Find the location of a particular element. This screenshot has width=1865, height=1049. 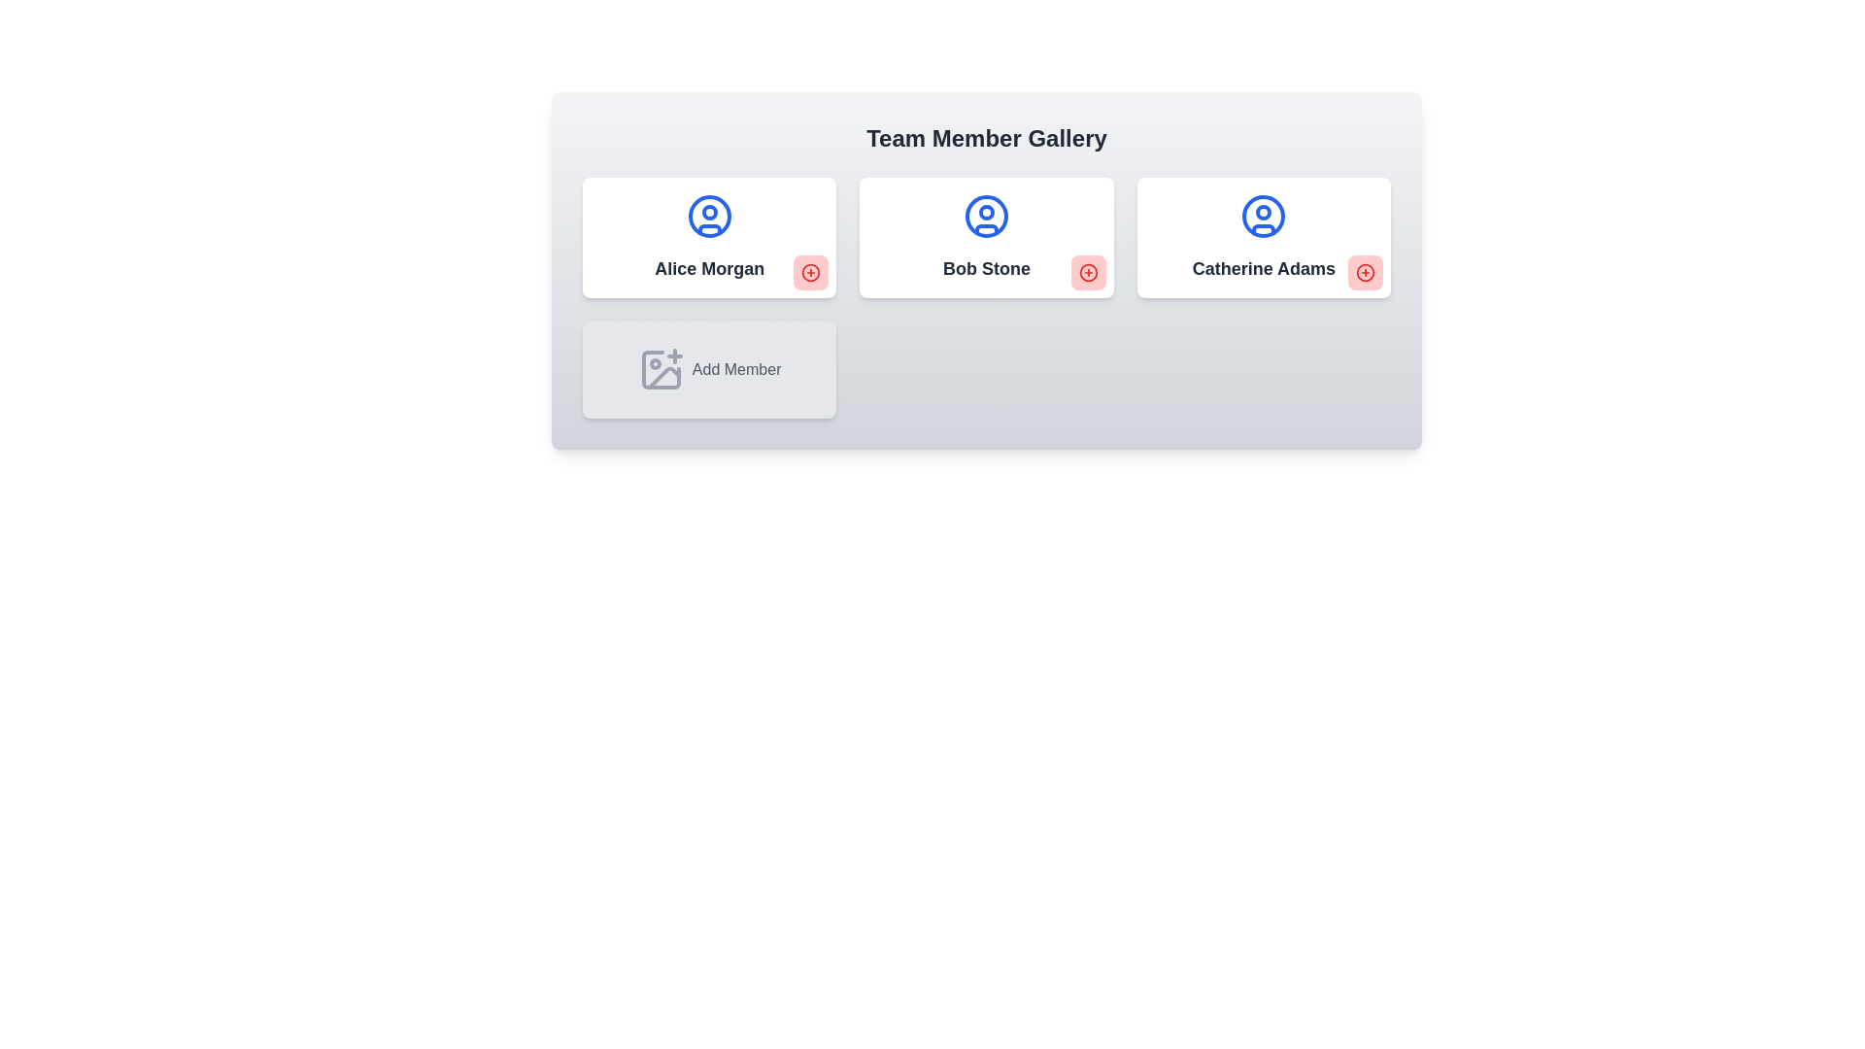

the circular user silhouette icon representing 'Bob Stone' is located at coordinates (987, 217).